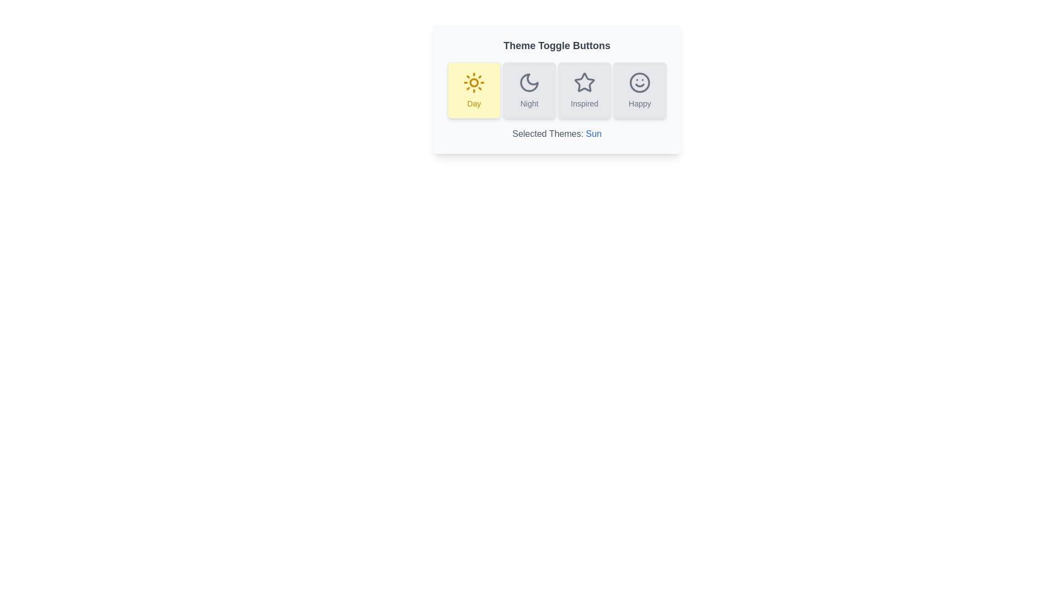 The image size is (1061, 596). I want to click on the text display element labeled 'Selected Themes:' which shows the value 'Sun' in blue, located below the theme toggle buttons, so click(557, 134).